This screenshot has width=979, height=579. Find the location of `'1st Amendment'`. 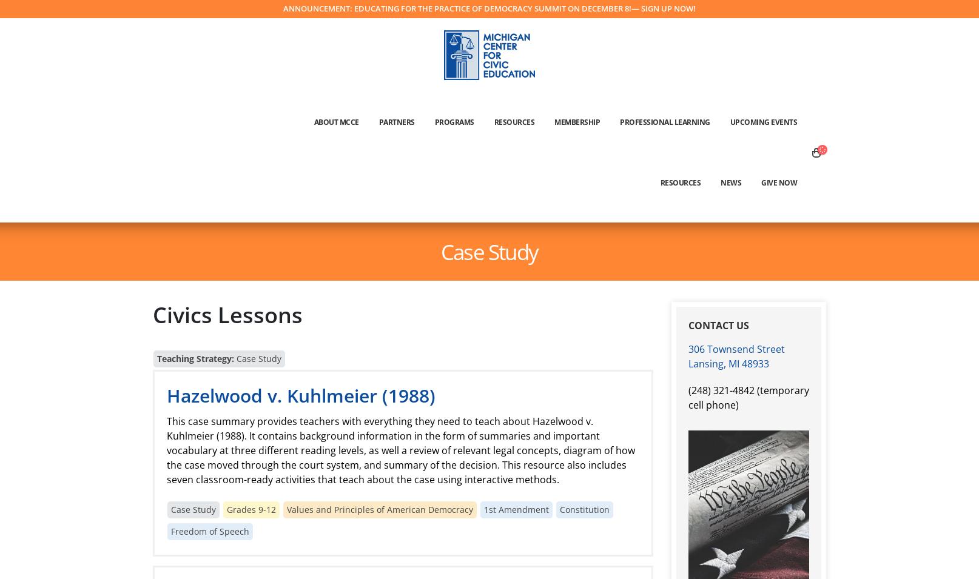

'1st Amendment' is located at coordinates (483, 509).